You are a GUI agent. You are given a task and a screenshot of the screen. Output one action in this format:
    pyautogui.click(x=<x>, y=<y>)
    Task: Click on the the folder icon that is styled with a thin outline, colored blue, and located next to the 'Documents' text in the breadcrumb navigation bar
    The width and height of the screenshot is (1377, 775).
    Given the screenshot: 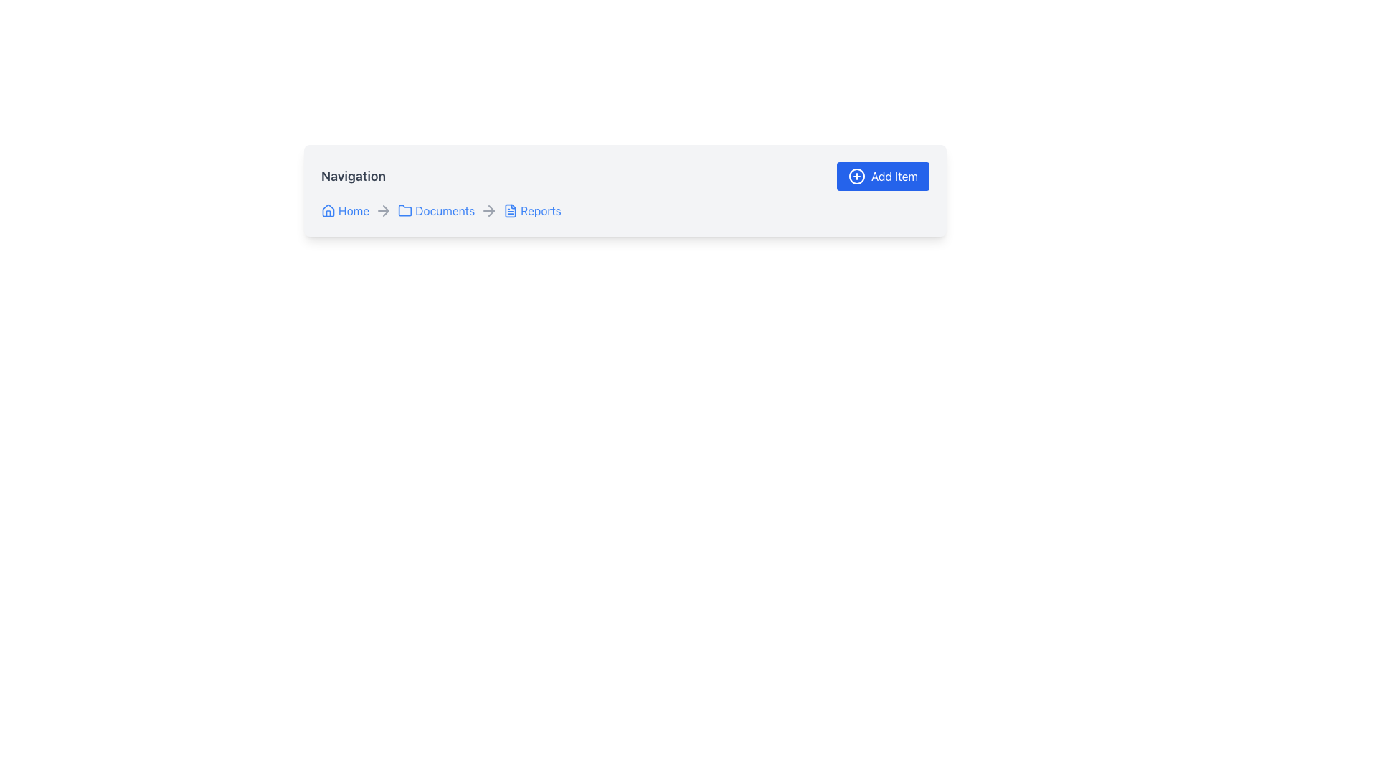 What is the action you would take?
    pyautogui.click(x=404, y=210)
    